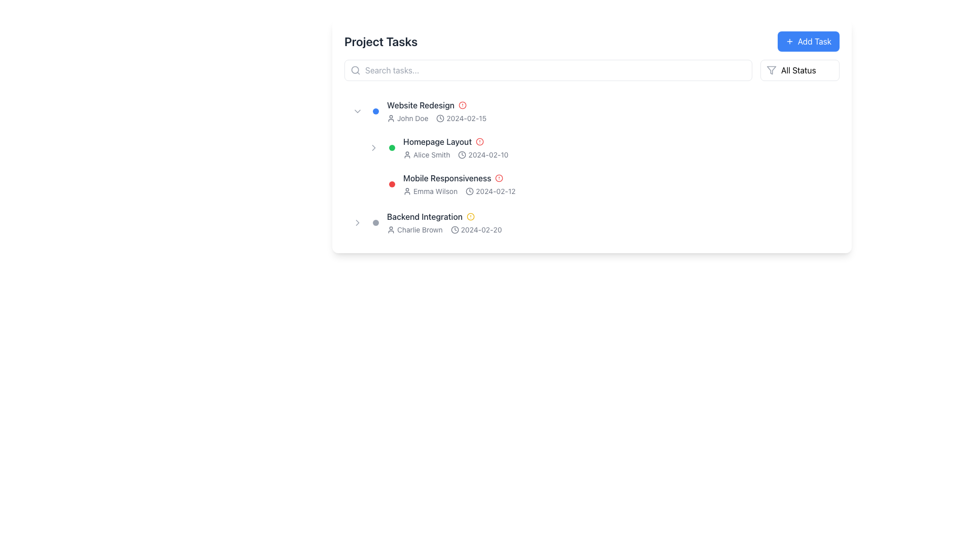 The image size is (974, 547). Describe the element at coordinates (358, 222) in the screenshot. I see `the button located to the immediate left of the 'Backend Integration' text` at that location.